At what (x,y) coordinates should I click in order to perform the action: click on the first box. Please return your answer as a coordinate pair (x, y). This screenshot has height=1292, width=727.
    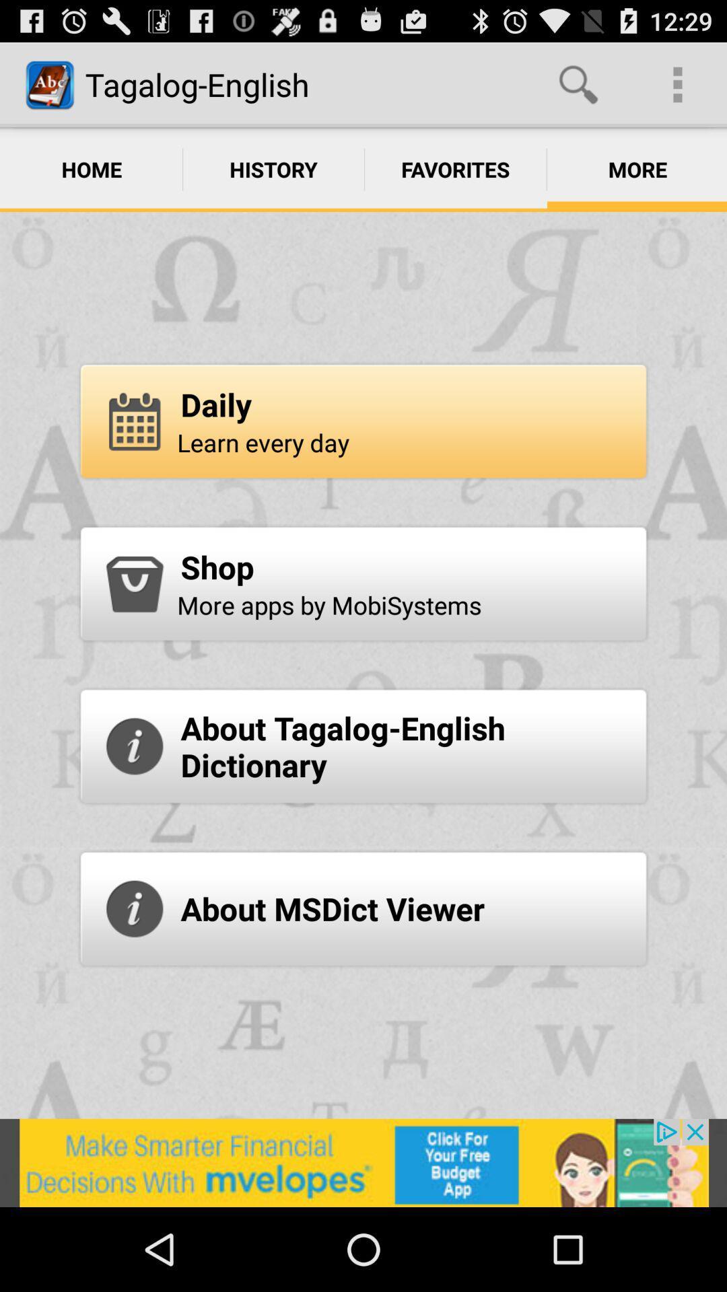
    Looking at the image, I should click on (363, 421).